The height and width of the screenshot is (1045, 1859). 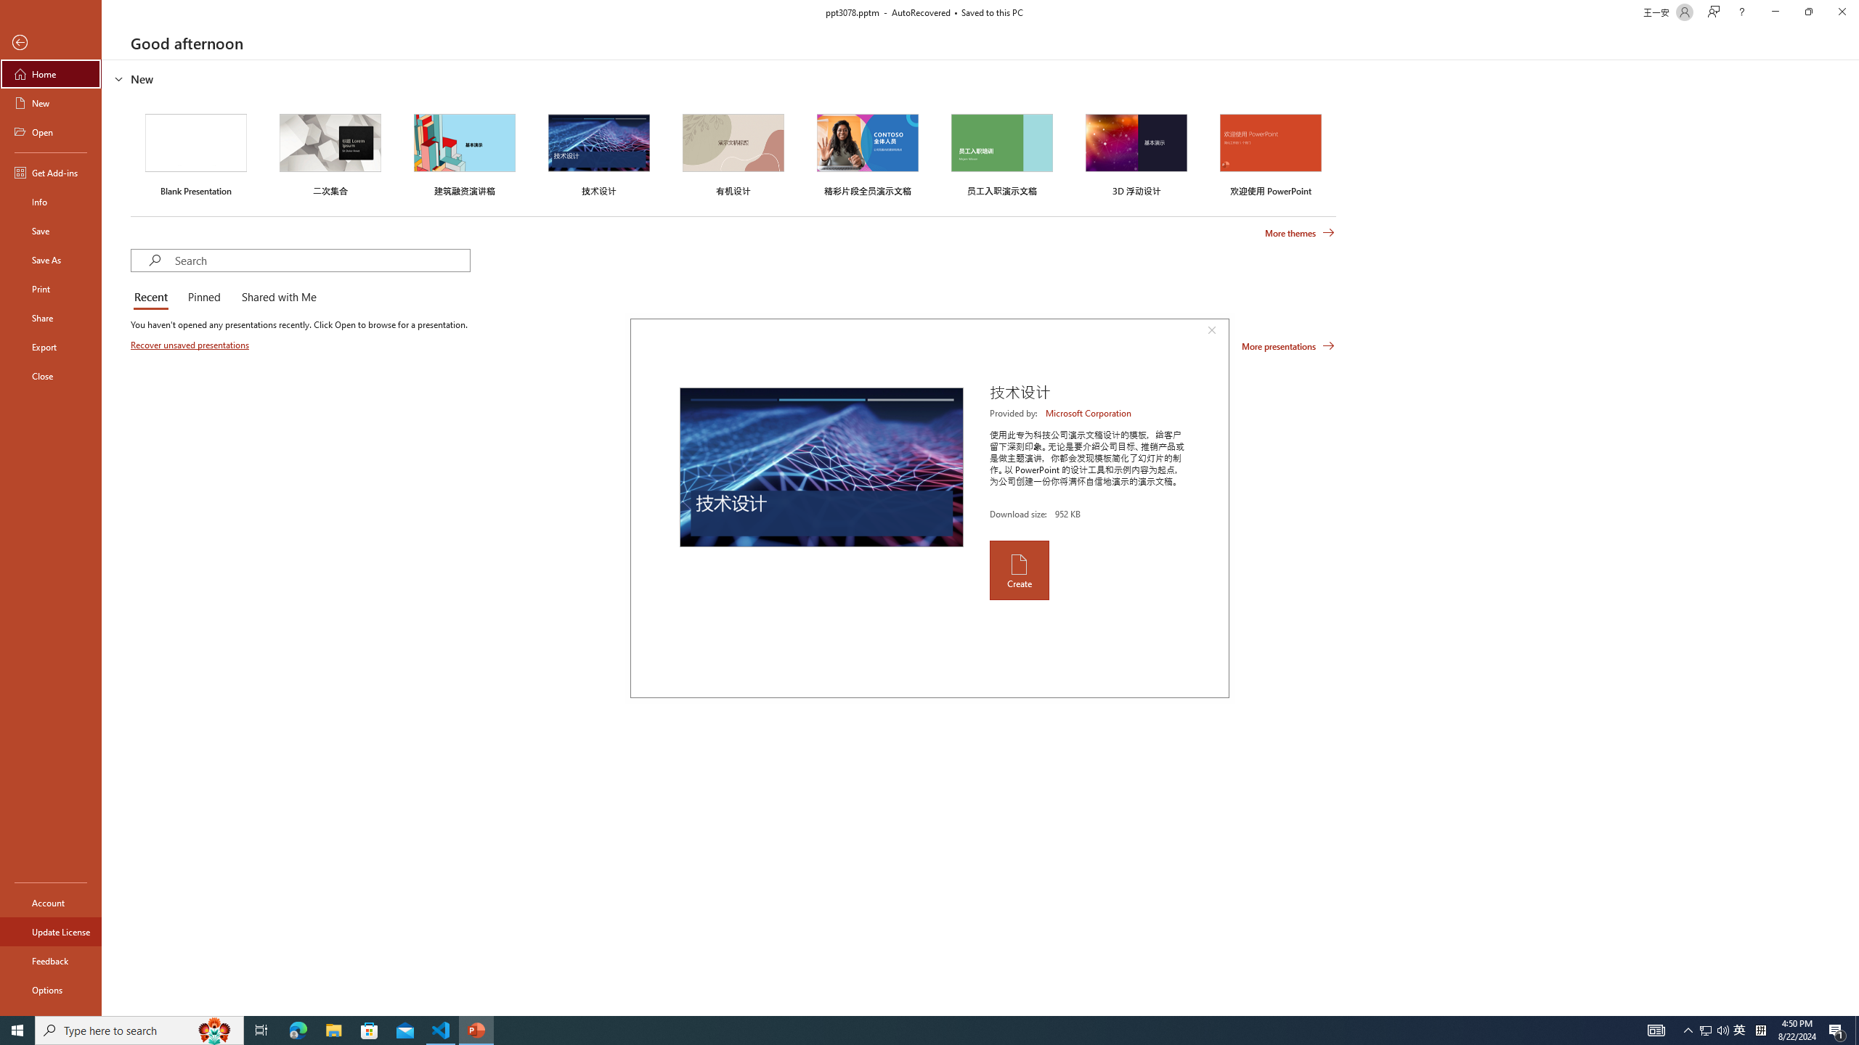 What do you see at coordinates (50, 200) in the screenshot?
I see `'Info'` at bounding box center [50, 200].